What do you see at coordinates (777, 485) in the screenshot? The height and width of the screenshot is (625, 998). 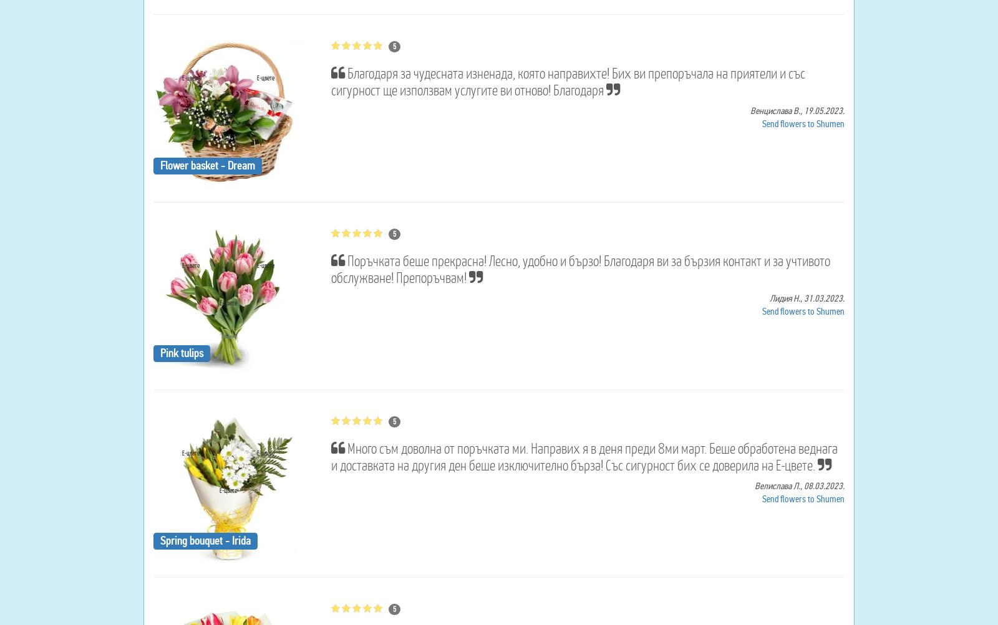 I see `'Велислава Л.'` at bounding box center [777, 485].